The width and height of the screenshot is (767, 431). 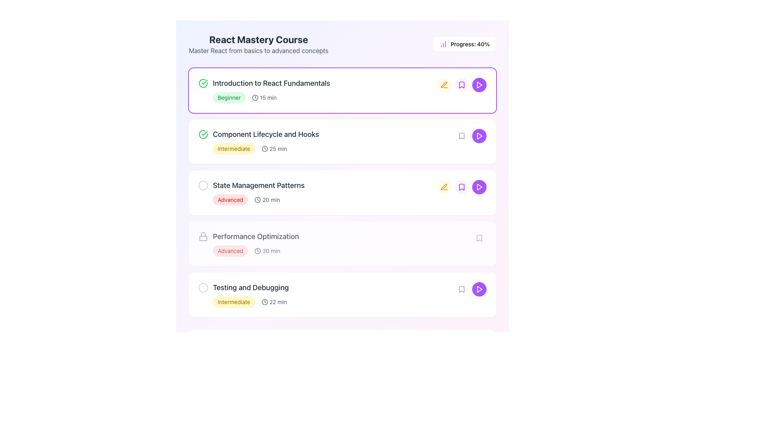 I want to click on the small outlined grey lock icon located to the left of the 'Performance Optimization' text, so click(x=203, y=236).